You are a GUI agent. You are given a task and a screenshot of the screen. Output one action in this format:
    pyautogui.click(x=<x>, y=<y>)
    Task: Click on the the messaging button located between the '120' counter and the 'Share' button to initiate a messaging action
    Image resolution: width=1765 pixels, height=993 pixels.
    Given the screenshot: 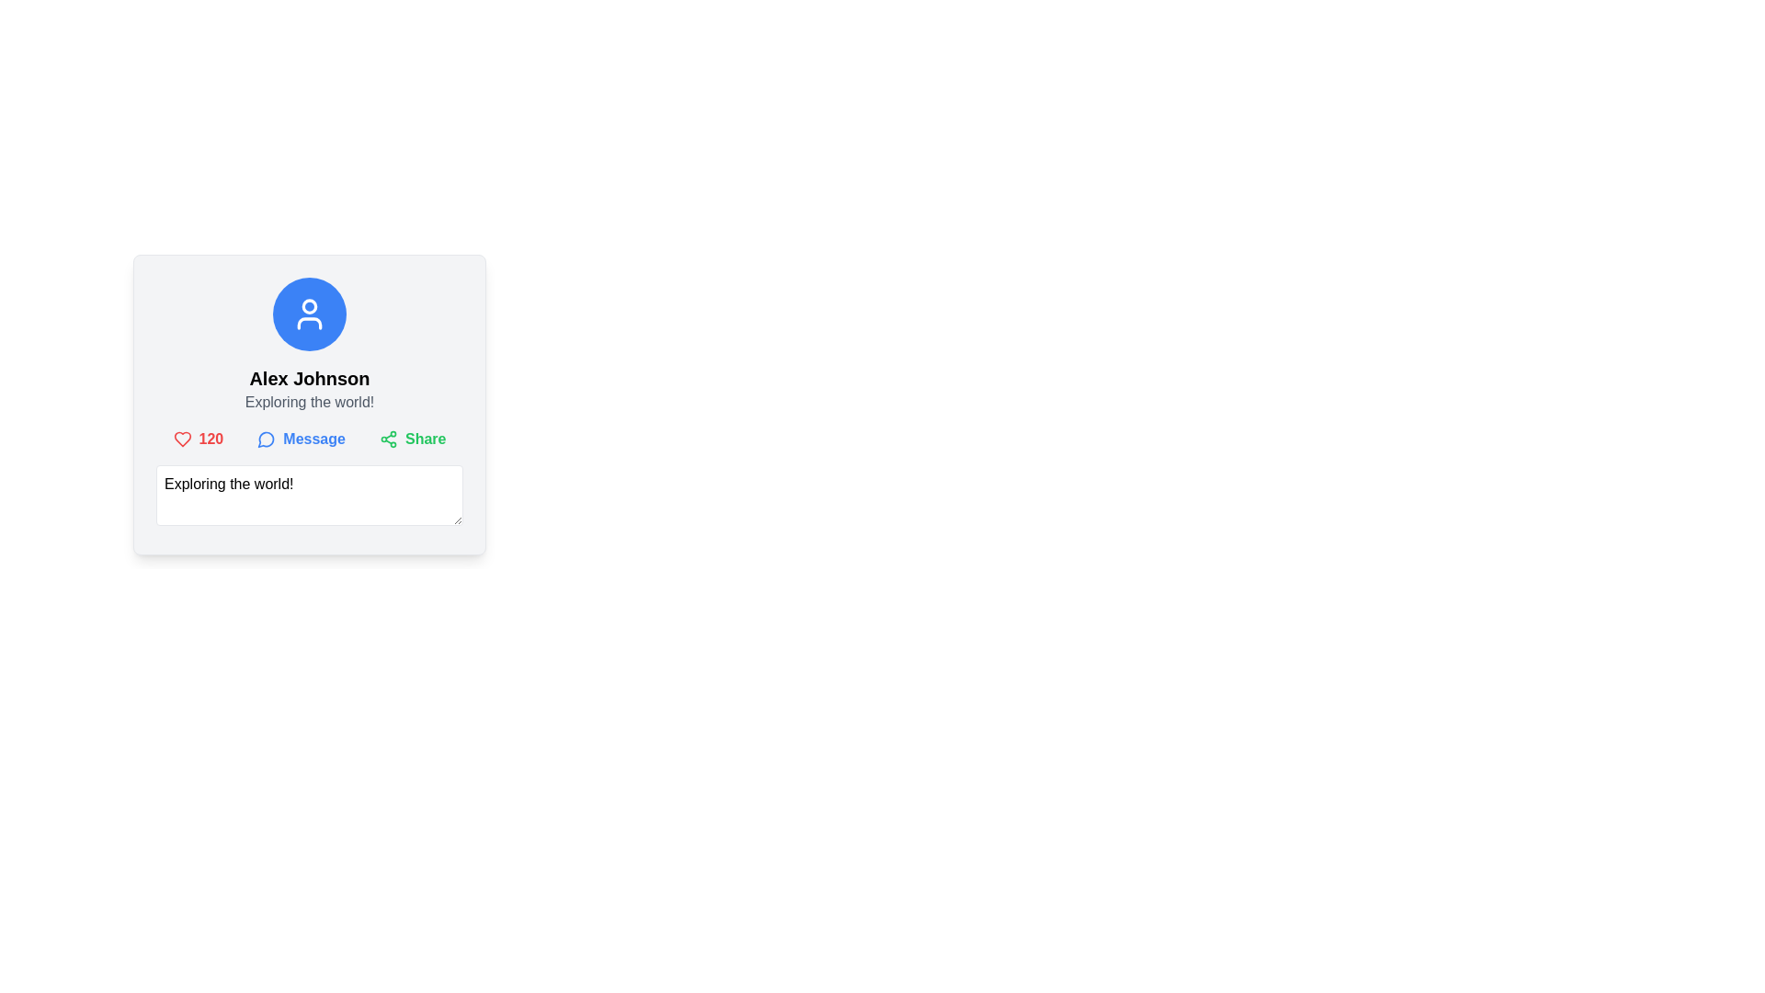 What is the action you would take?
    pyautogui.click(x=301, y=439)
    